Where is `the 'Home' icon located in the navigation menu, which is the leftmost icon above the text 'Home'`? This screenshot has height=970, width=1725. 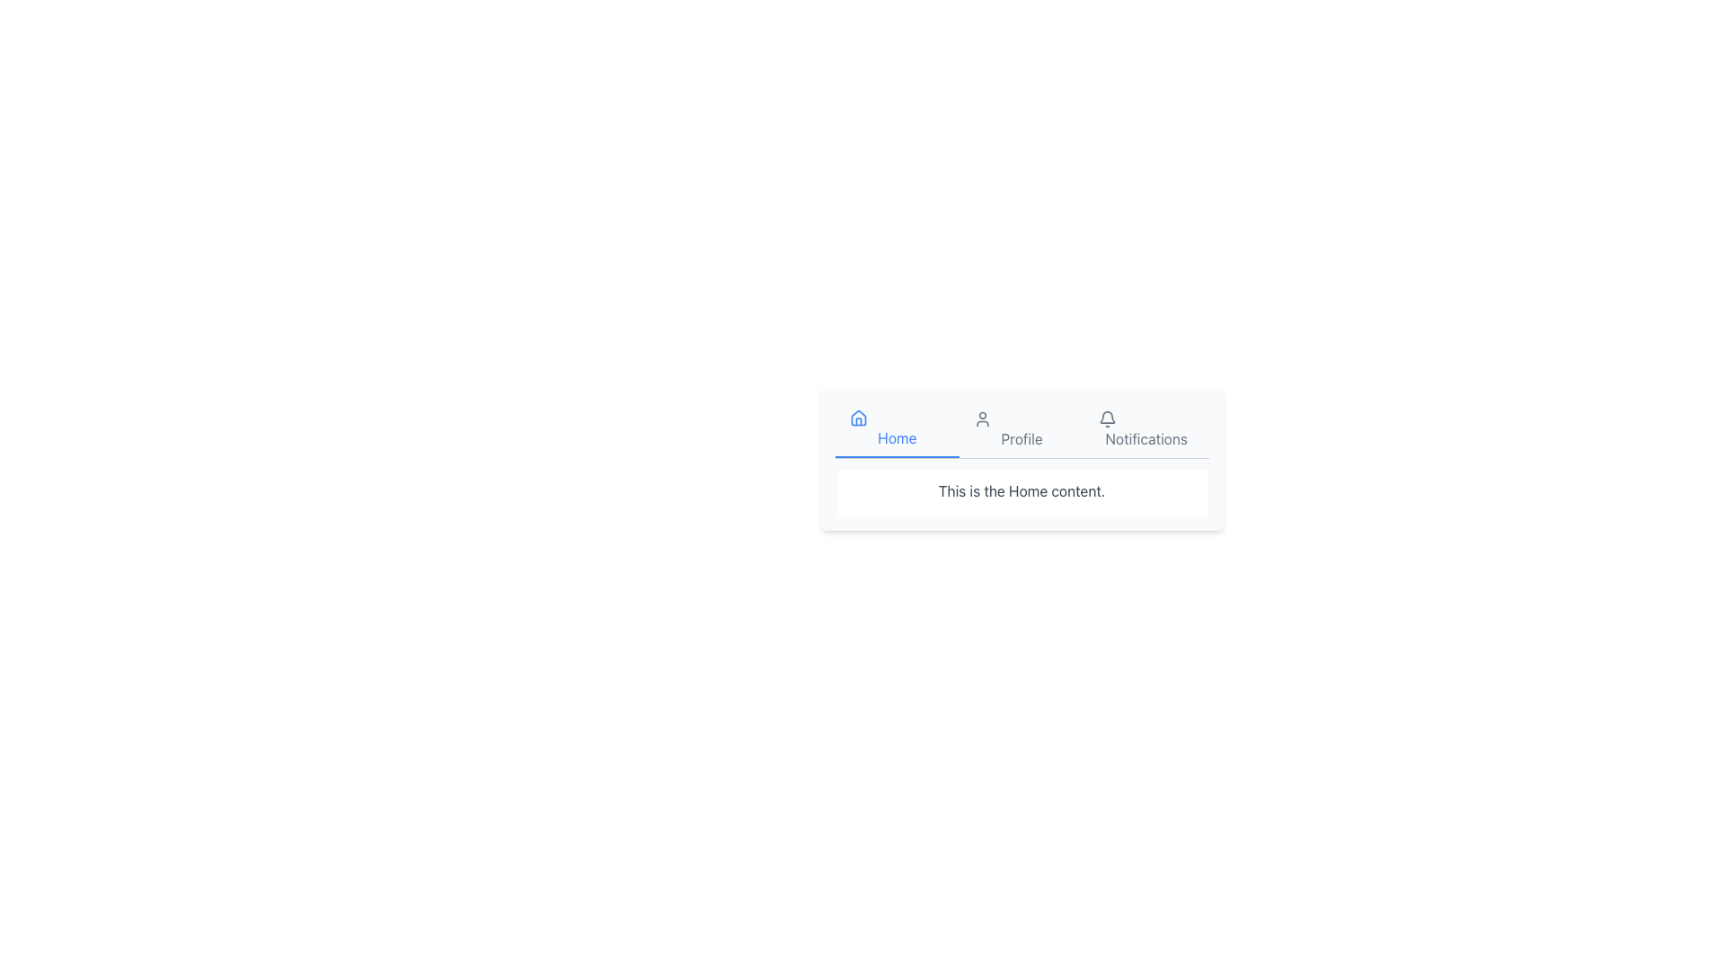
the 'Home' icon located in the navigation menu, which is the leftmost icon above the text 'Home' is located at coordinates (897, 419).